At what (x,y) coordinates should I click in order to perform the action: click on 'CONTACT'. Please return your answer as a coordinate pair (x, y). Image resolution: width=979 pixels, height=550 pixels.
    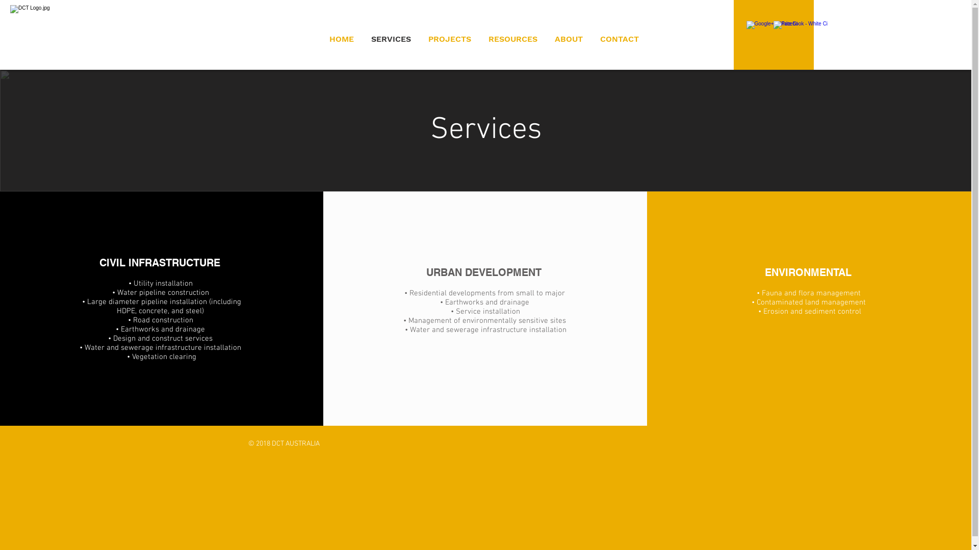
    Looking at the image, I should click on (619, 38).